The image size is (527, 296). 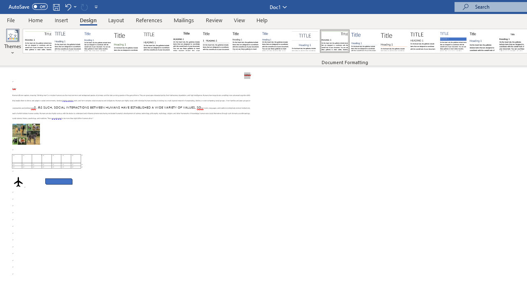 What do you see at coordinates (68, 41) in the screenshot?
I see `'Basic (Elegant)'` at bounding box center [68, 41].